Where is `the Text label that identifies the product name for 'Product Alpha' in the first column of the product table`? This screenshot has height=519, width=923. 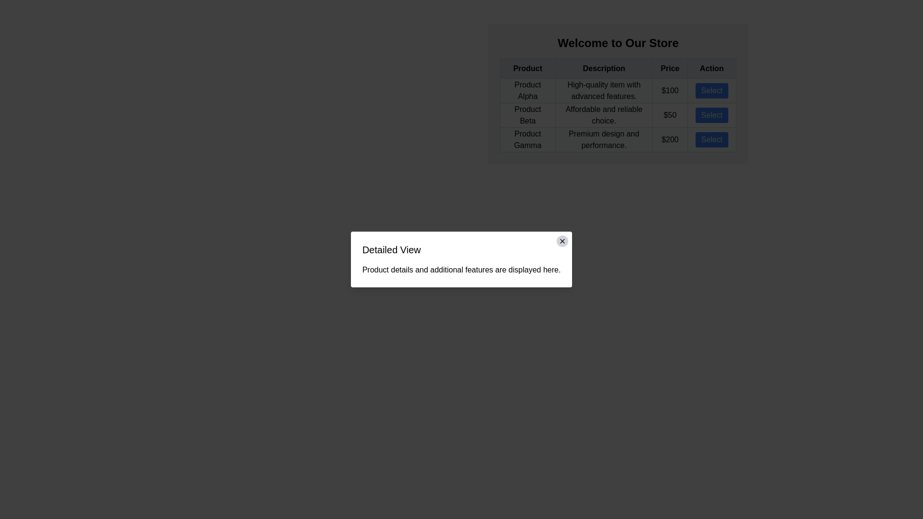
the Text label that identifies the product name for 'Product Alpha' in the first column of the product table is located at coordinates (527, 91).